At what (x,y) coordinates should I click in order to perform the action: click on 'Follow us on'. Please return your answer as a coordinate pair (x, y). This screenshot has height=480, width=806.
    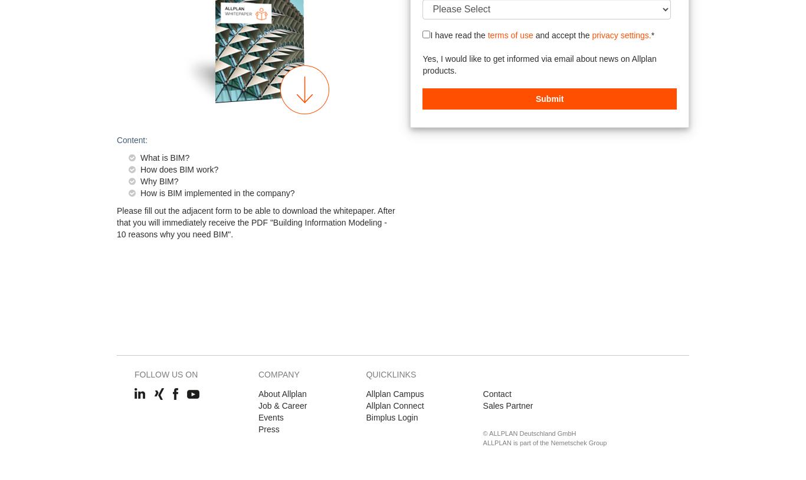
    Looking at the image, I should click on (166, 374).